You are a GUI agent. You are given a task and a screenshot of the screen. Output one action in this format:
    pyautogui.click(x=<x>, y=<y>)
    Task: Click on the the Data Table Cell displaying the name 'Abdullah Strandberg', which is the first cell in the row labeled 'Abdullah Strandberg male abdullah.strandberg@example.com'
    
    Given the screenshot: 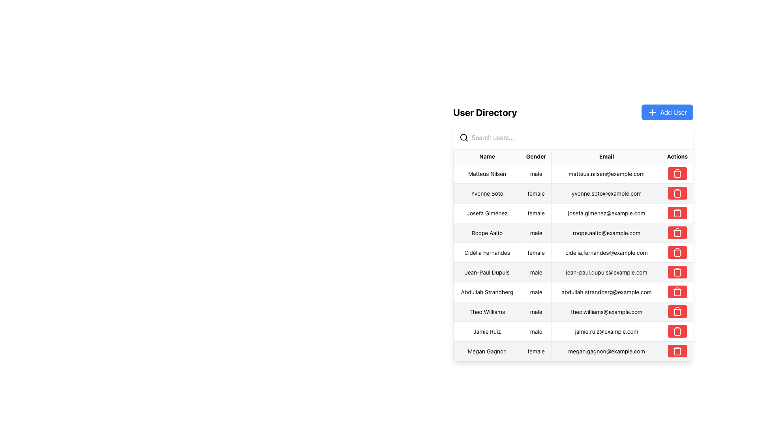 What is the action you would take?
    pyautogui.click(x=486, y=292)
    